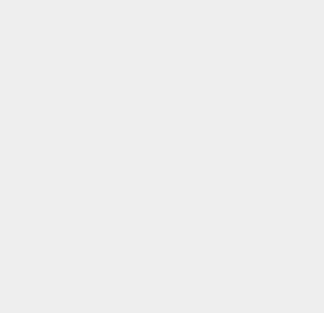 The width and height of the screenshot is (324, 313). Describe the element at coordinates (229, 57) in the screenshot. I see `'Swype'` at that location.